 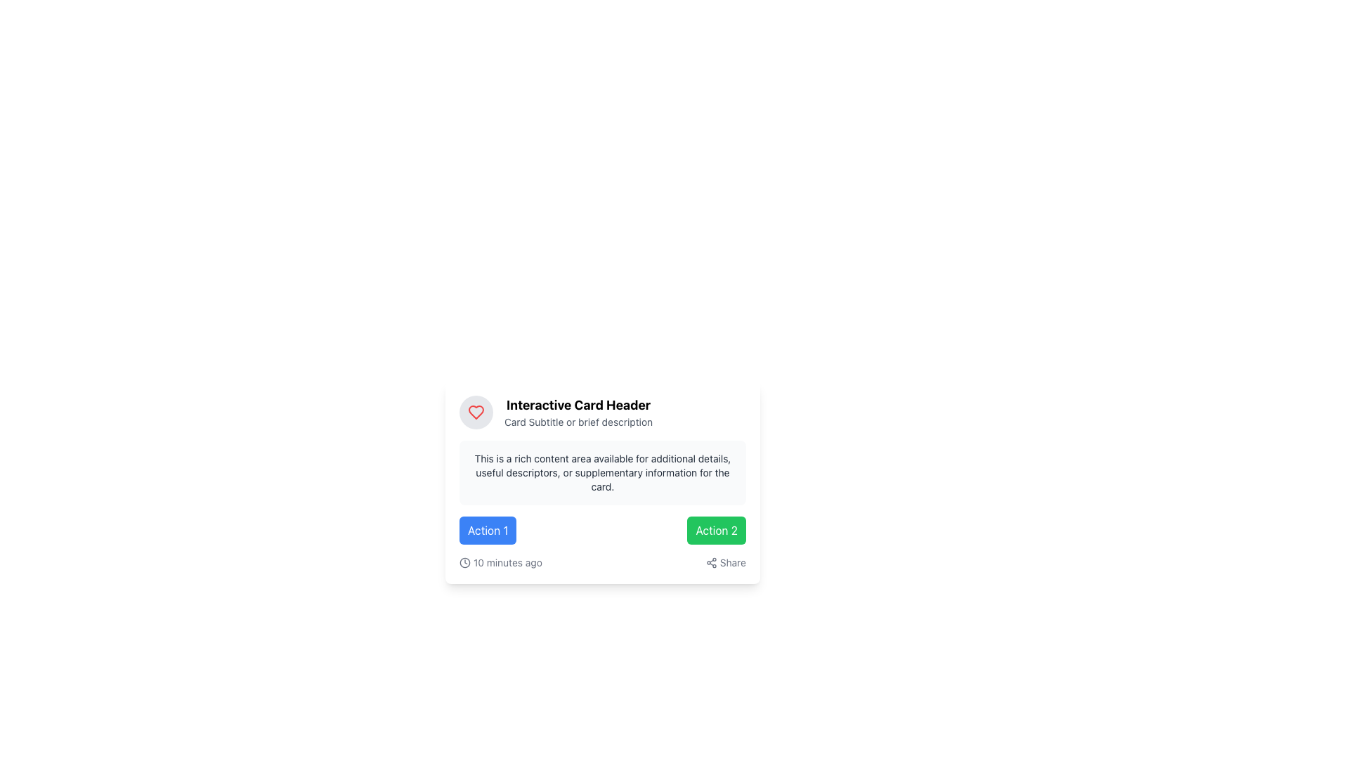 I want to click on timestamp displayed in the text with icon that shows '10 minutes ago', located at the bottom-left corner of the card and aligned with the 'Share' text, so click(x=500, y=562).